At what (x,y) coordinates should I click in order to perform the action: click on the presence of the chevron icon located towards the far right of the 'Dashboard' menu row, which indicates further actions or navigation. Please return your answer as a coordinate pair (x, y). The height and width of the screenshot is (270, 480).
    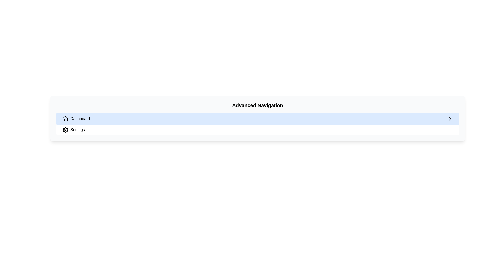
    Looking at the image, I should click on (450, 119).